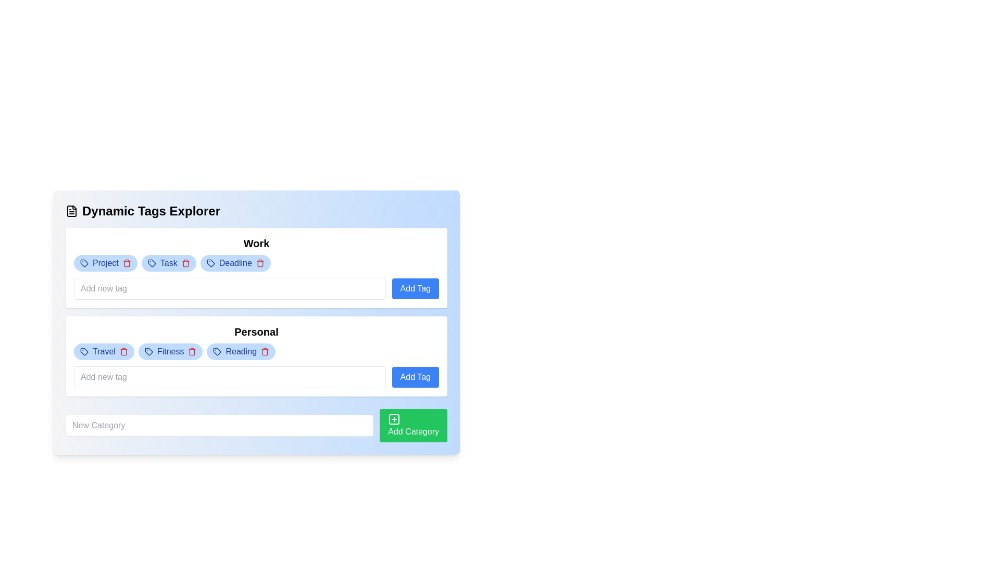  What do you see at coordinates (394, 419) in the screenshot?
I see `the square-shaped icon with a small cross (+) symbol inside, located within the green 'Add Category' button at the bottom right corner of the interface` at bounding box center [394, 419].